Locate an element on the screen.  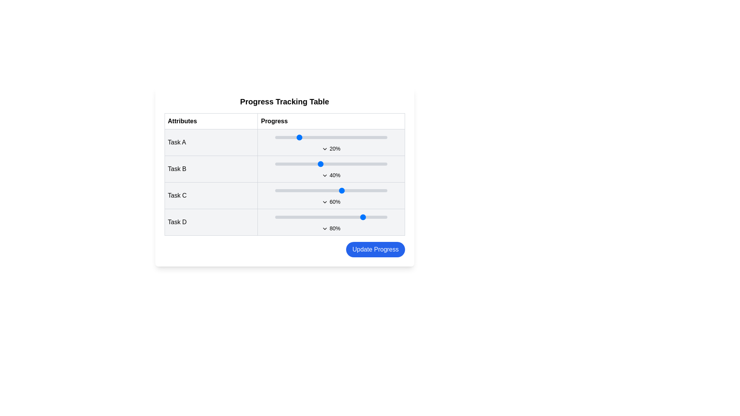
the progress for task B is located at coordinates (291, 163).